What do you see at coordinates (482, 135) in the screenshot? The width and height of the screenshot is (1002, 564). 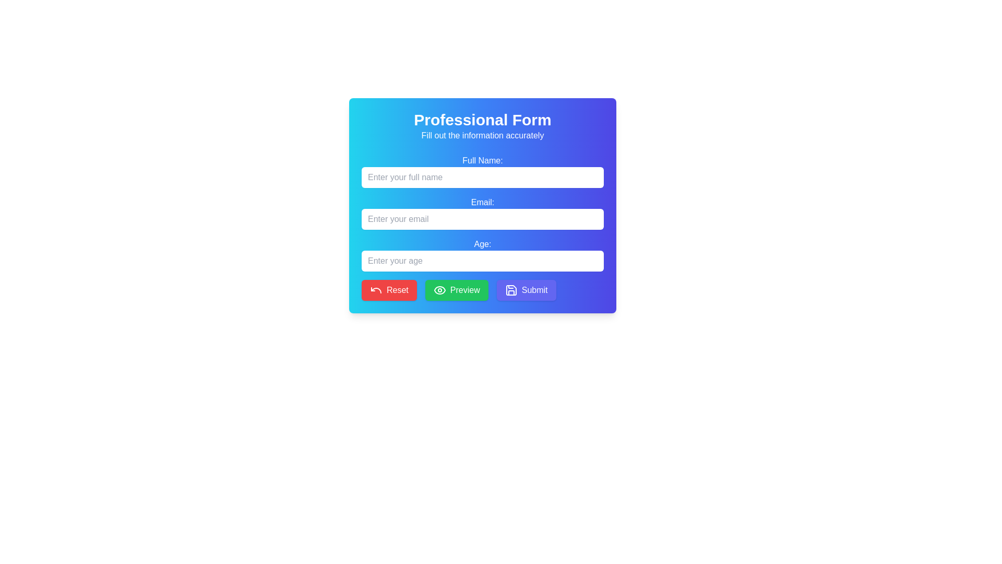 I see `the static text displaying 'Fill out the information accurately' that is located below the 'Professional Form' header` at bounding box center [482, 135].